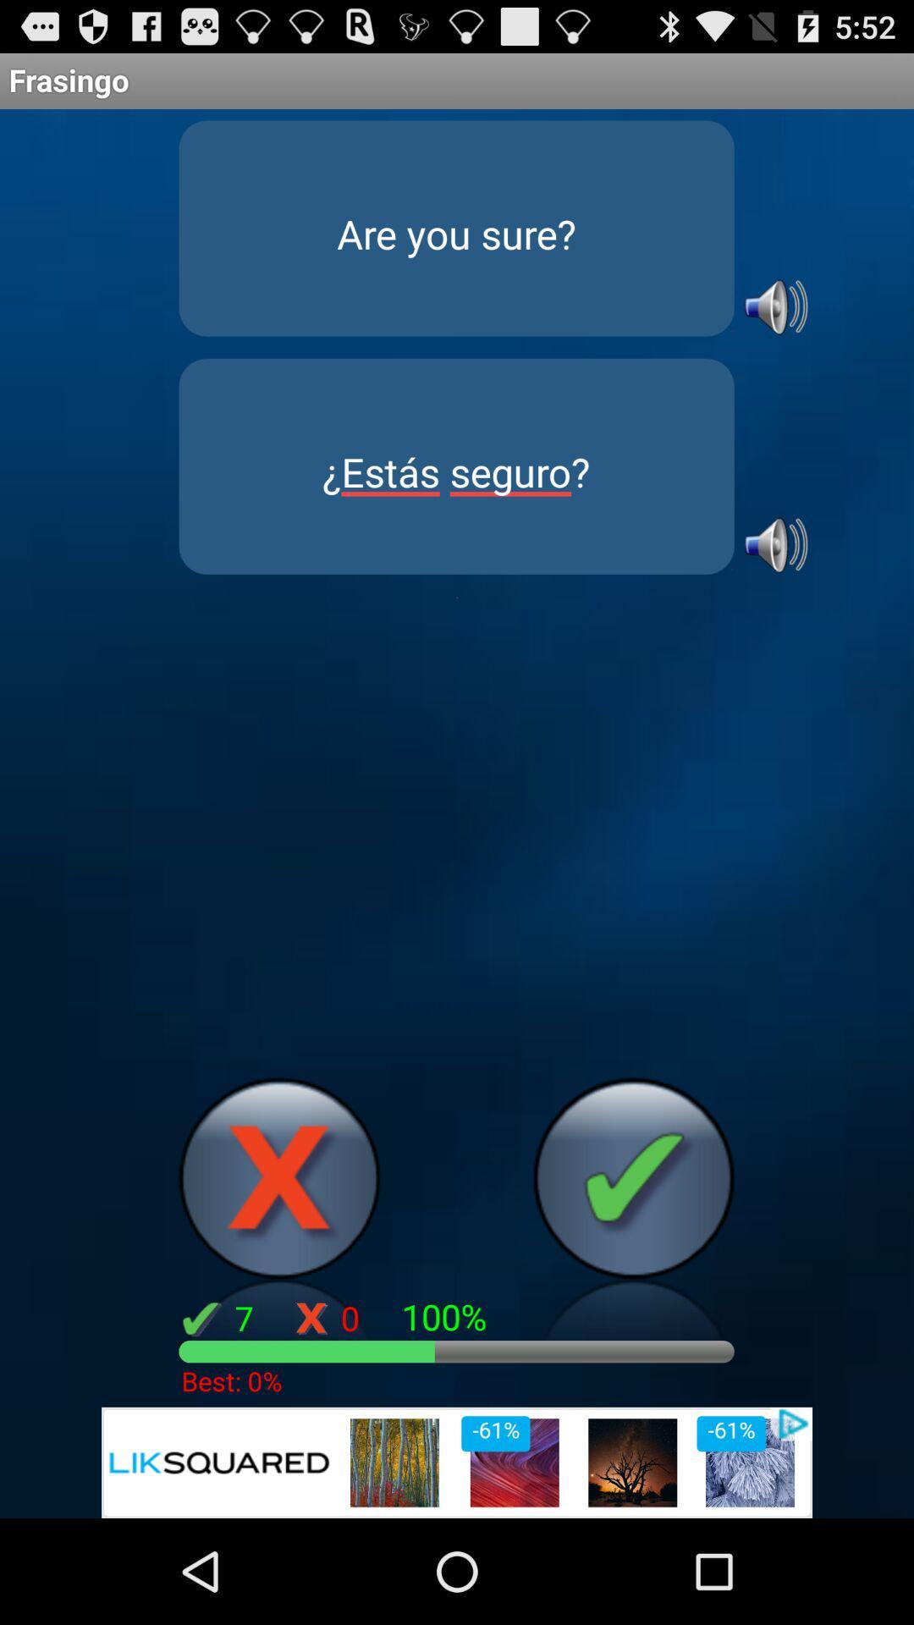 The width and height of the screenshot is (914, 1625). Describe the element at coordinates (457, 1462) in the screenshot. I see `the advertisement` at that location.